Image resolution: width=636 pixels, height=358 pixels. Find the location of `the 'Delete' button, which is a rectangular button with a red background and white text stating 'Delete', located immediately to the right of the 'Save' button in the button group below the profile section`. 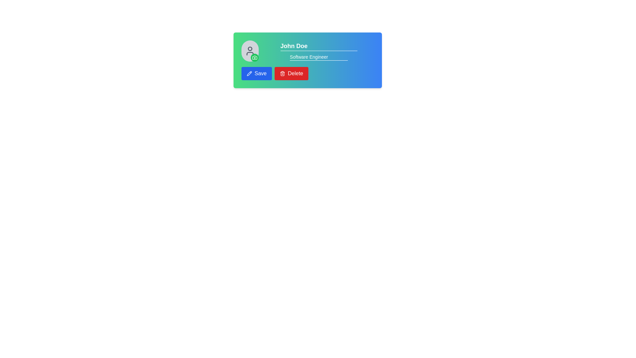

the 'Delete' button, which is a rectangular button with a red background and white text stating 'Delete', located immediately to the right of the 'Save' button in the button group below the profile section is located at coordinates (291, 74).